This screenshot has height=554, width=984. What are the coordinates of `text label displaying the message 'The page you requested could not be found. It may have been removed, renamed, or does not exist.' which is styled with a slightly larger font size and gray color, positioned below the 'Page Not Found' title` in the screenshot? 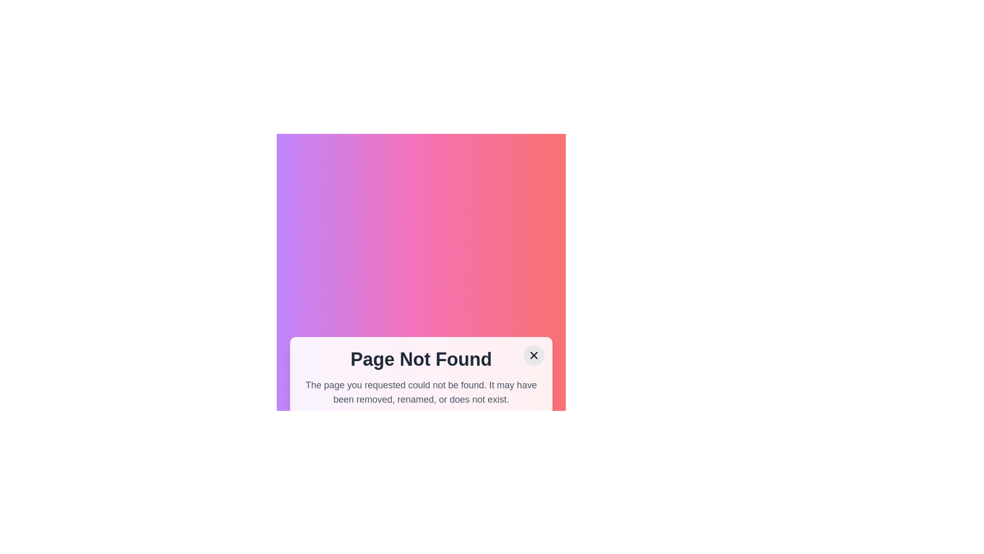 It's located at (421, 391).